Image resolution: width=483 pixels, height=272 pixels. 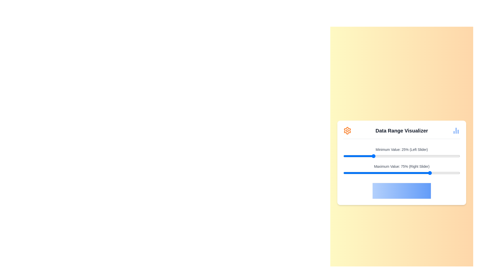 I want to click on the data range selector component, which includes sliders and text elements for adjusting minimum and maximum values, so click(x=401, y=162).